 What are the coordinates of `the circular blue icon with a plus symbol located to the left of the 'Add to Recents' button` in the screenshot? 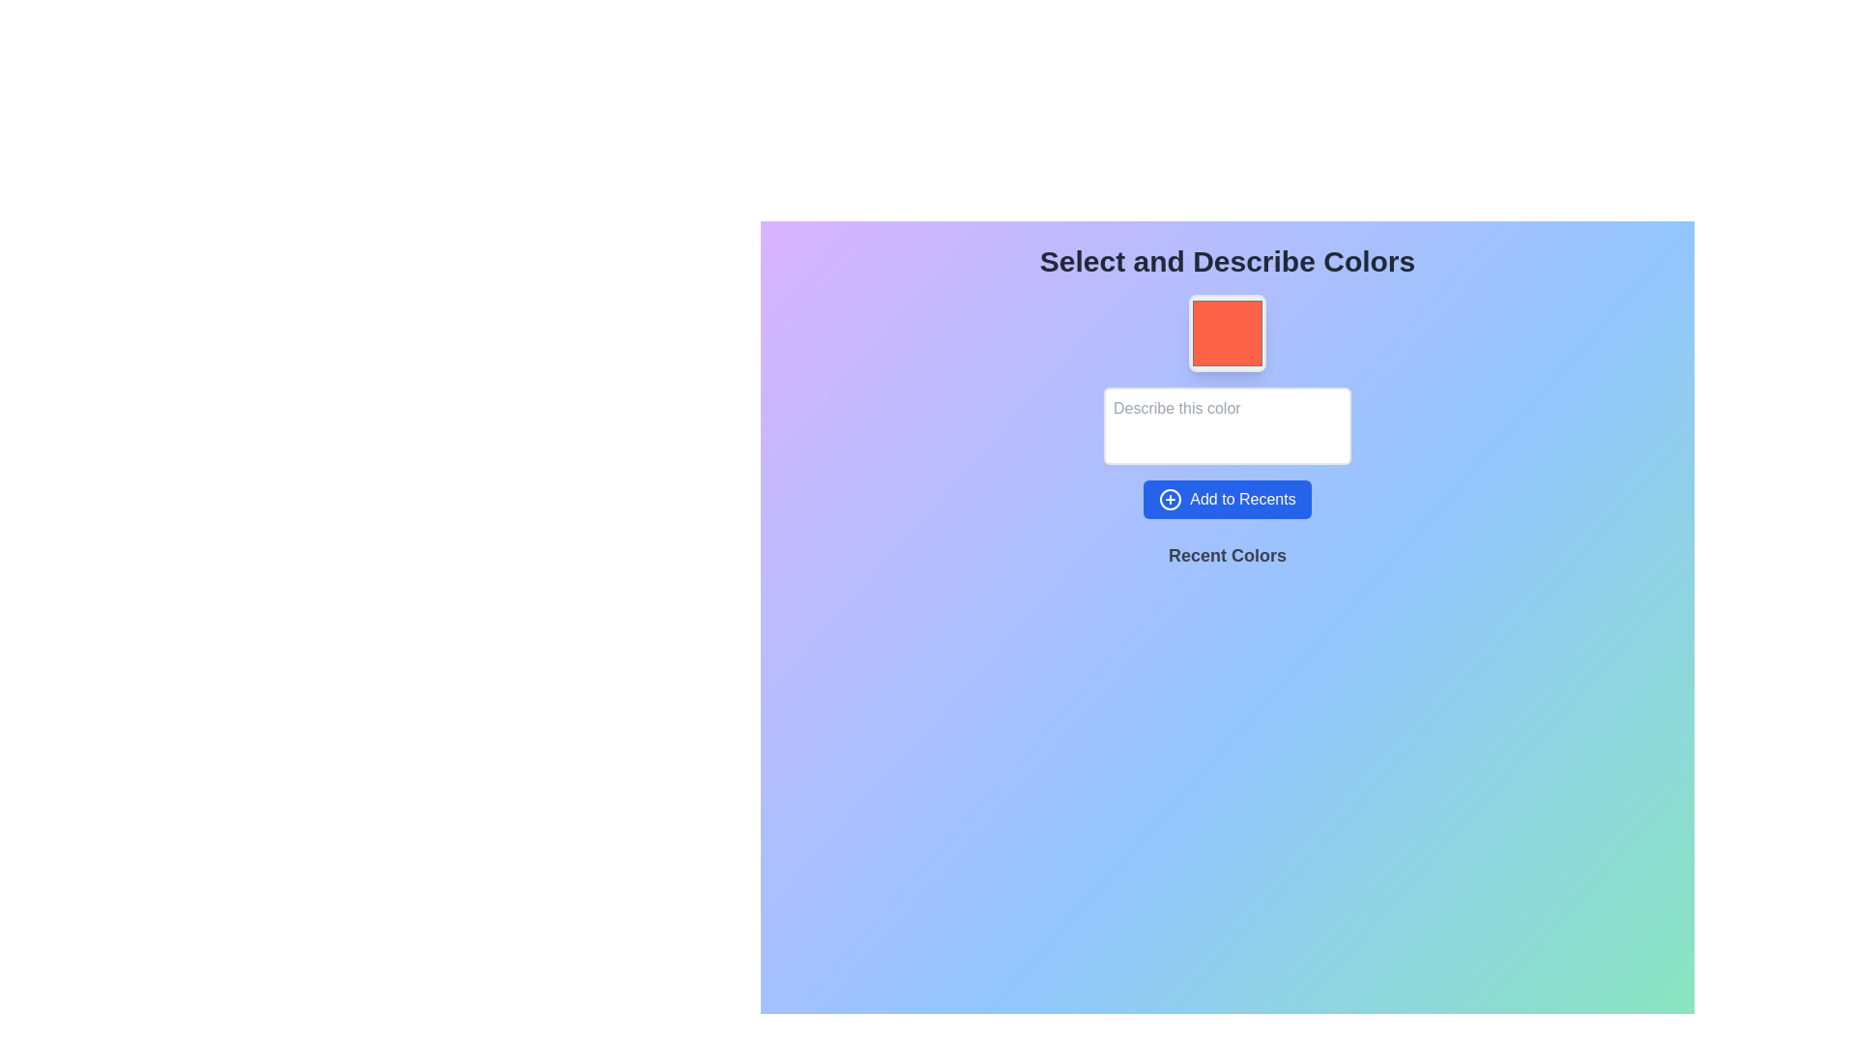 It's located at (1170, 498).